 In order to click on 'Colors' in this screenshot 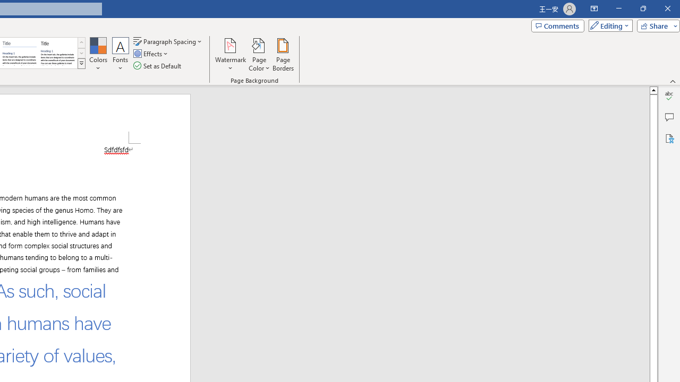, I will do `click(98, 55)`.